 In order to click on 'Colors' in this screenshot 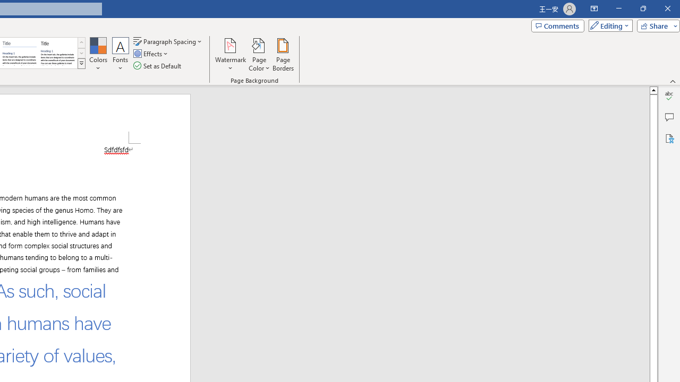, I will do `click(98, 55)`.